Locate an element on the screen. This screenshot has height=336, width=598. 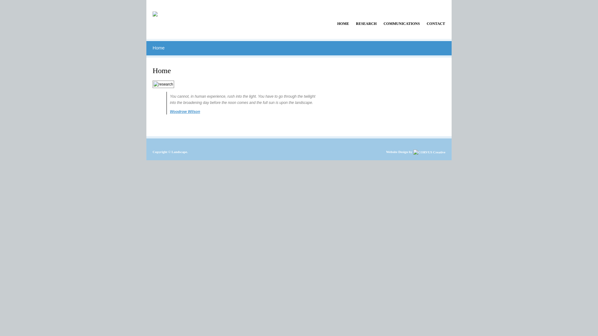
'Home' is located at coordinates (162, 70).